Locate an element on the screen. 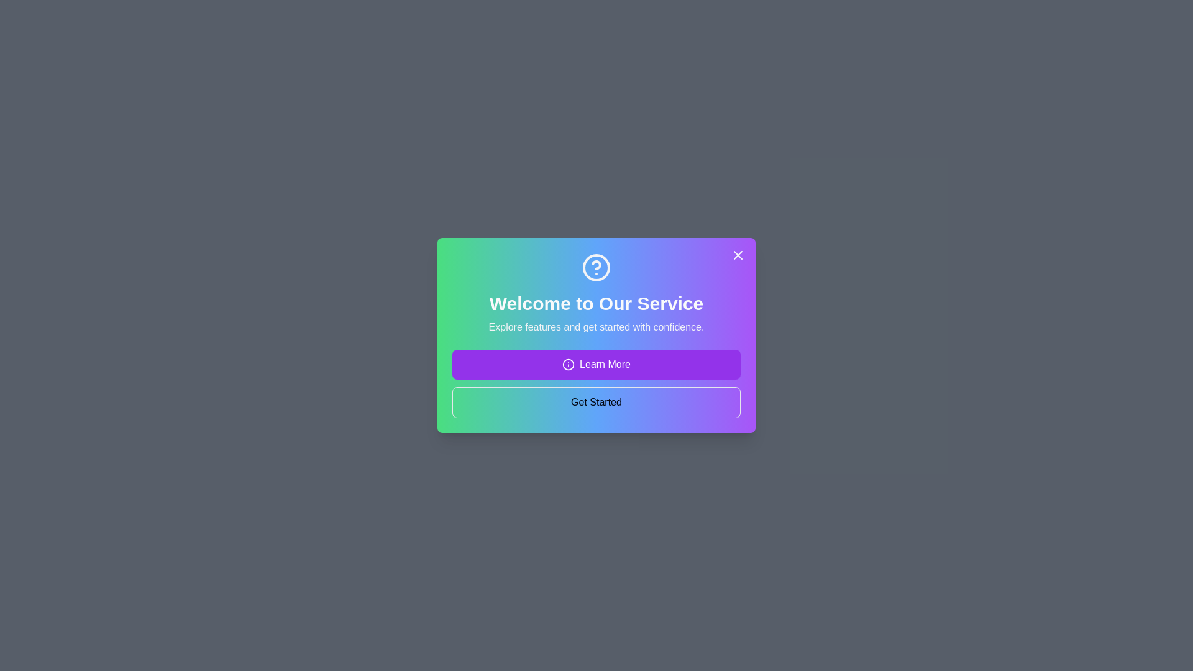  the 'Learn More' button to access additional information is located at coordinates (596, 363).